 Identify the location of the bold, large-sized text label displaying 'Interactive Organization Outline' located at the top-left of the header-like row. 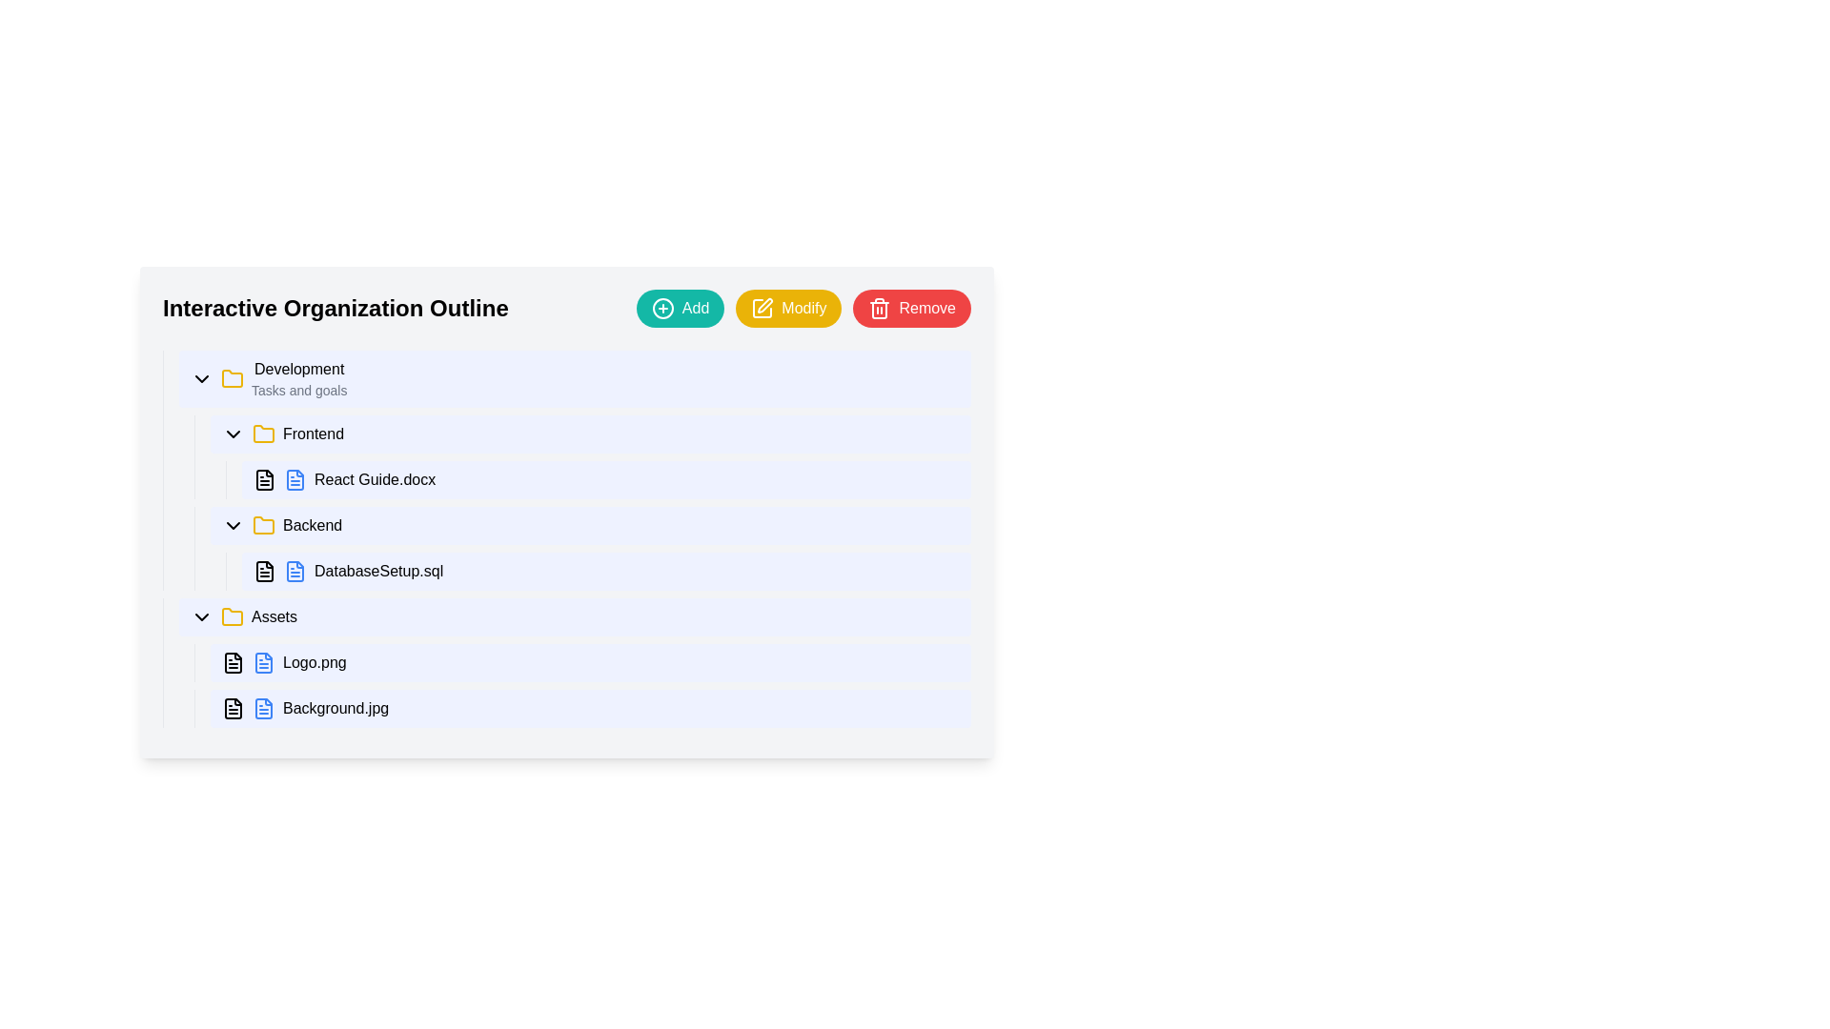
(335, 308).